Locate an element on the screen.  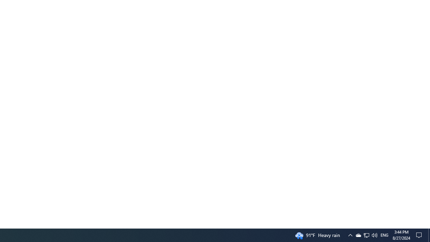
'Action Center, No new notifications' is located at coordinates (420, 235).